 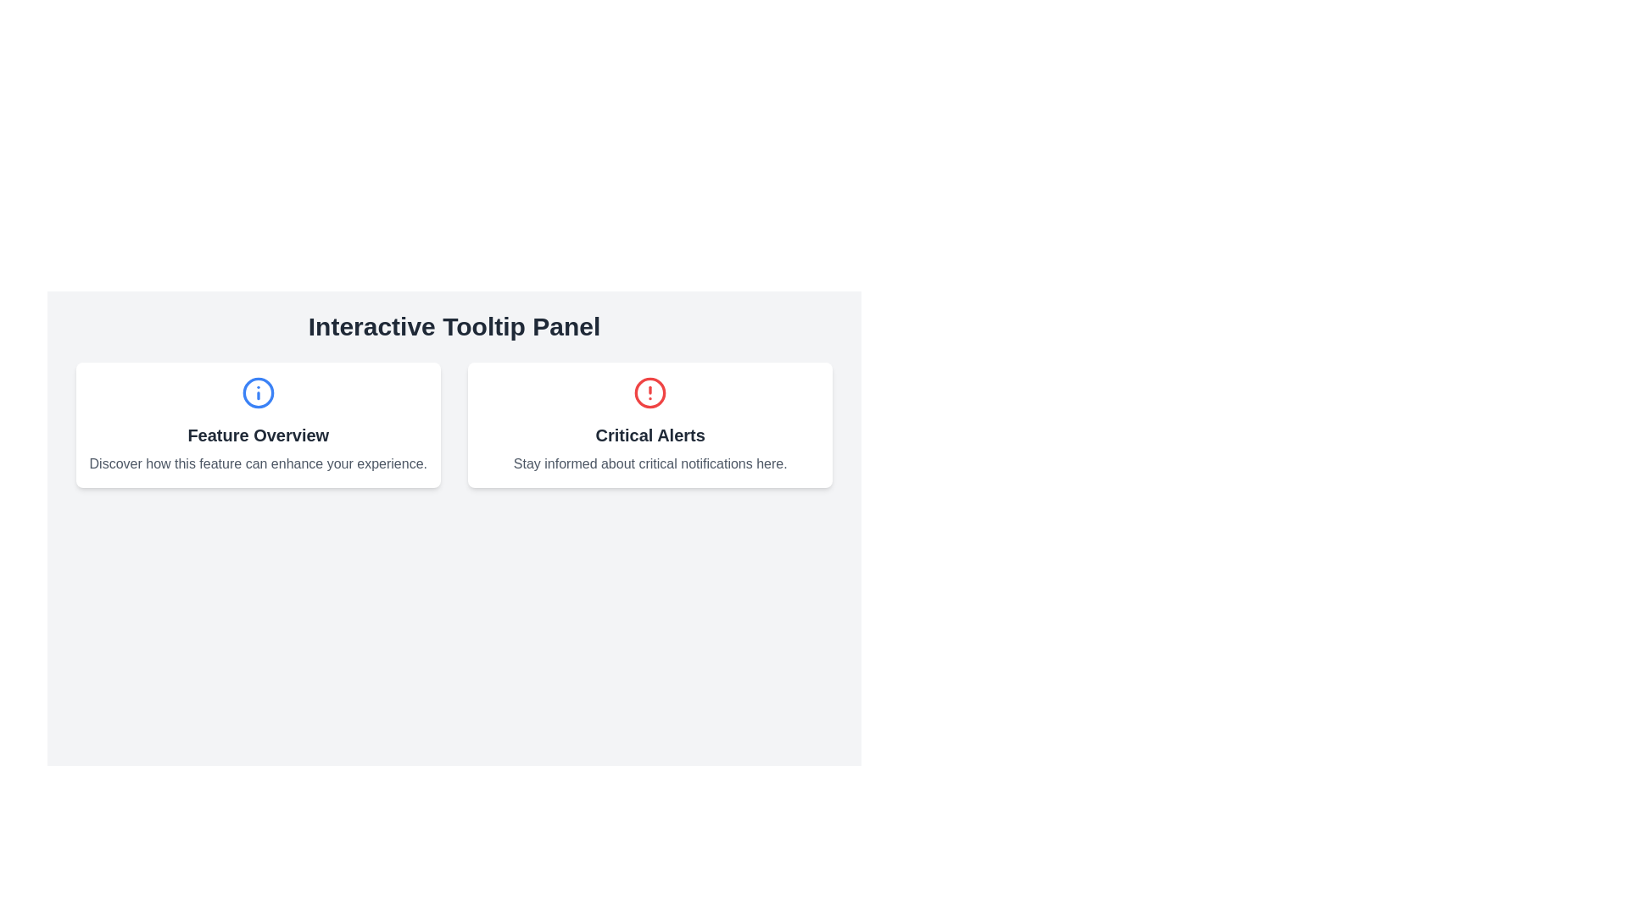 I want to click on the informational indicator icon located at the top center of the left card in the 'Interactive Tooltip Panel', so click(x=257, y=392).